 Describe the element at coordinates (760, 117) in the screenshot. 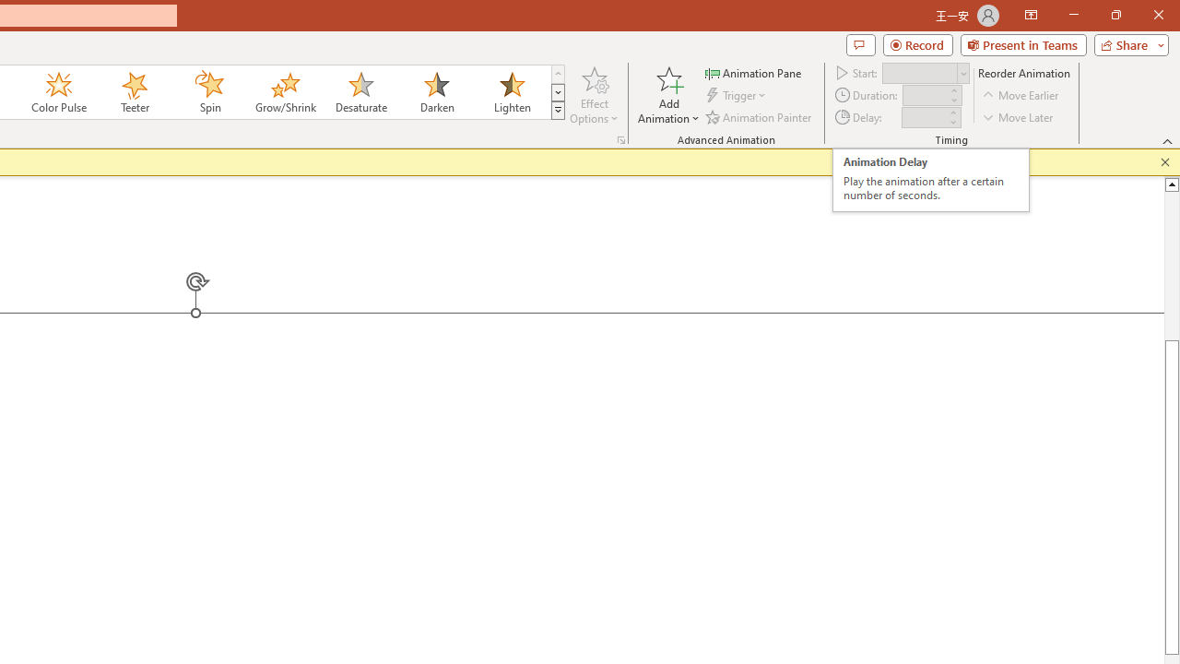

I see `'Animation Painter'` at that location.